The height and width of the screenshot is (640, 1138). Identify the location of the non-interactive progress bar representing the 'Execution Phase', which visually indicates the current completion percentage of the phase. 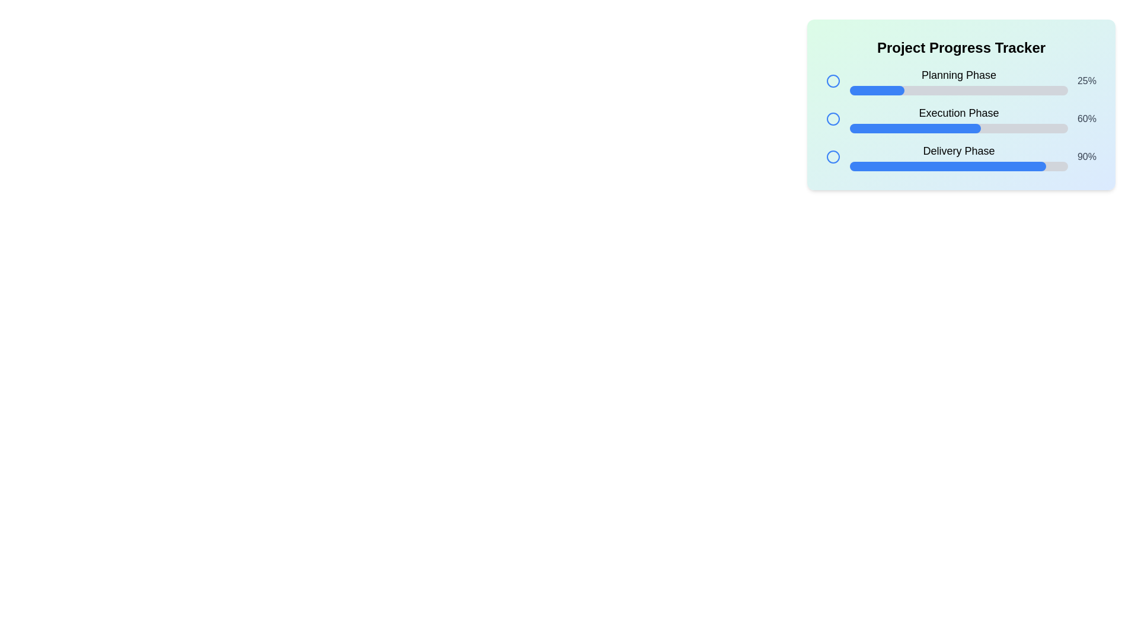
(958, 128).